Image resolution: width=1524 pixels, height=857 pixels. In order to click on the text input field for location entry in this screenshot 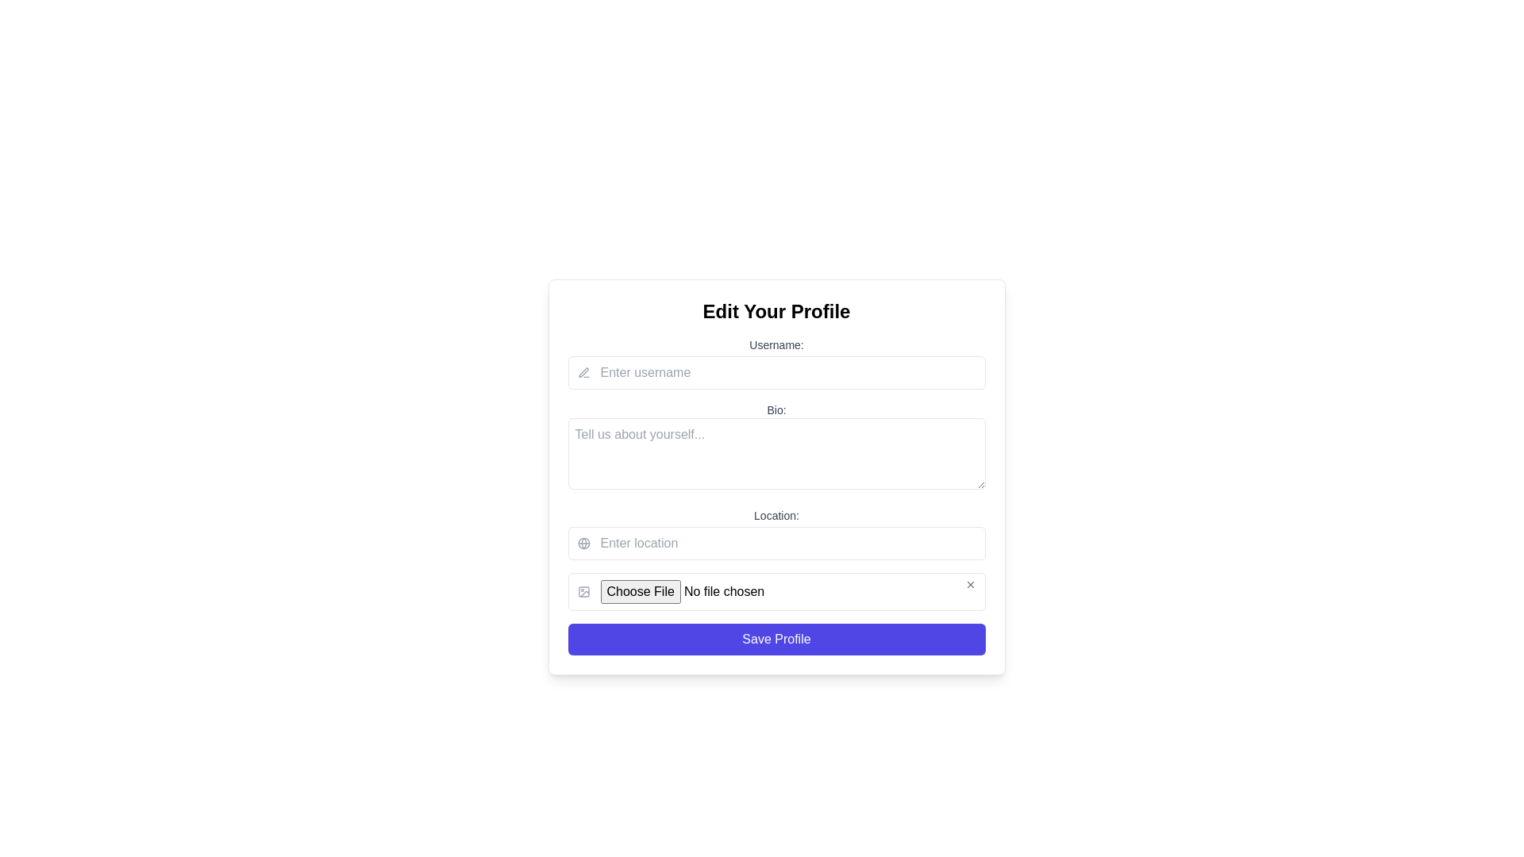, I will do `click(776, 543)`.